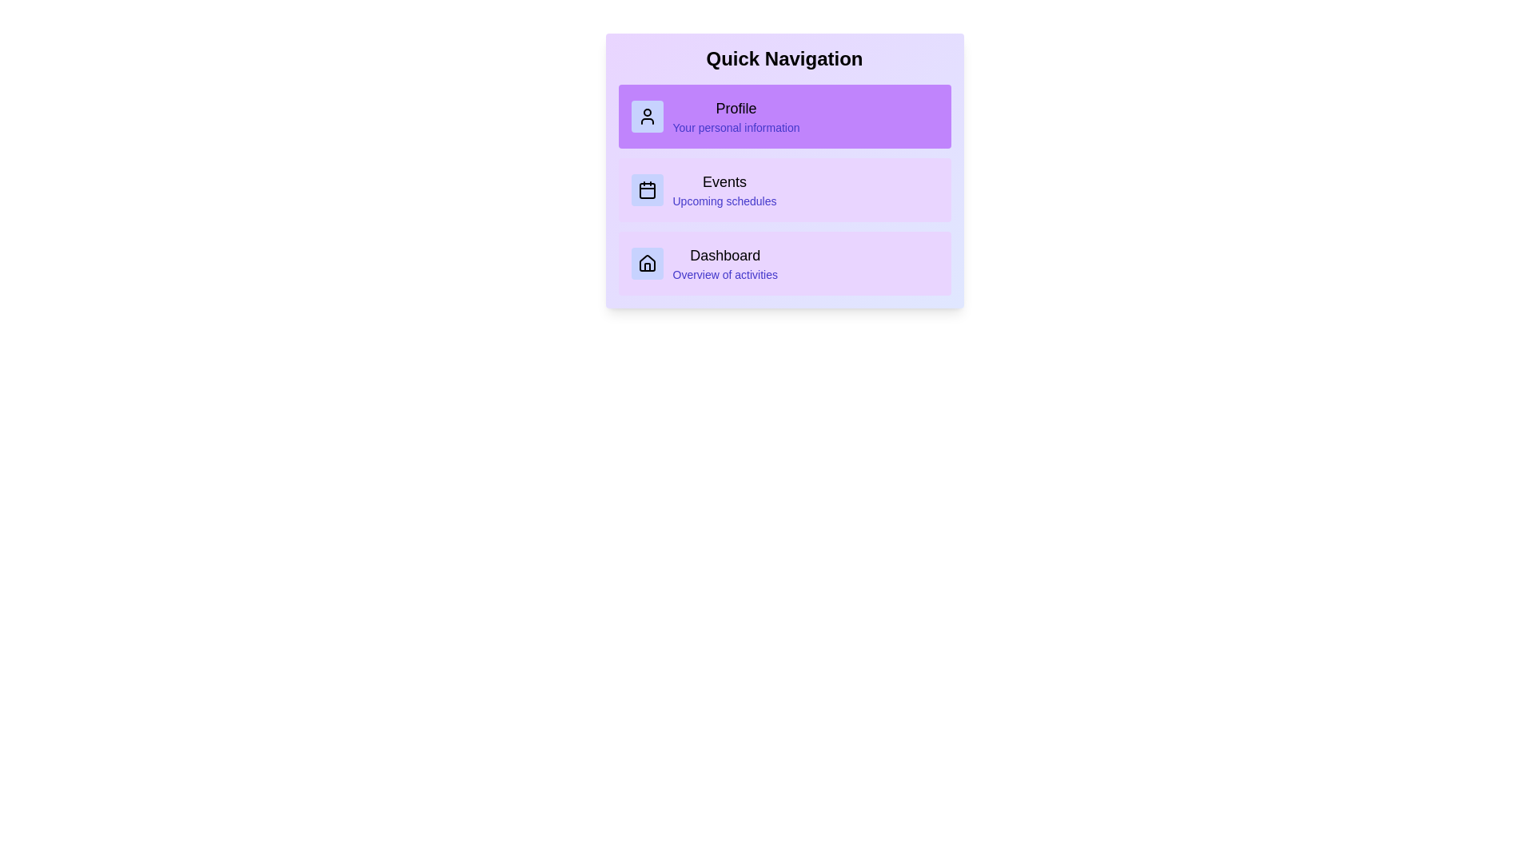  I want to click on the menu item corresponding to Profile, so click(784, 116).